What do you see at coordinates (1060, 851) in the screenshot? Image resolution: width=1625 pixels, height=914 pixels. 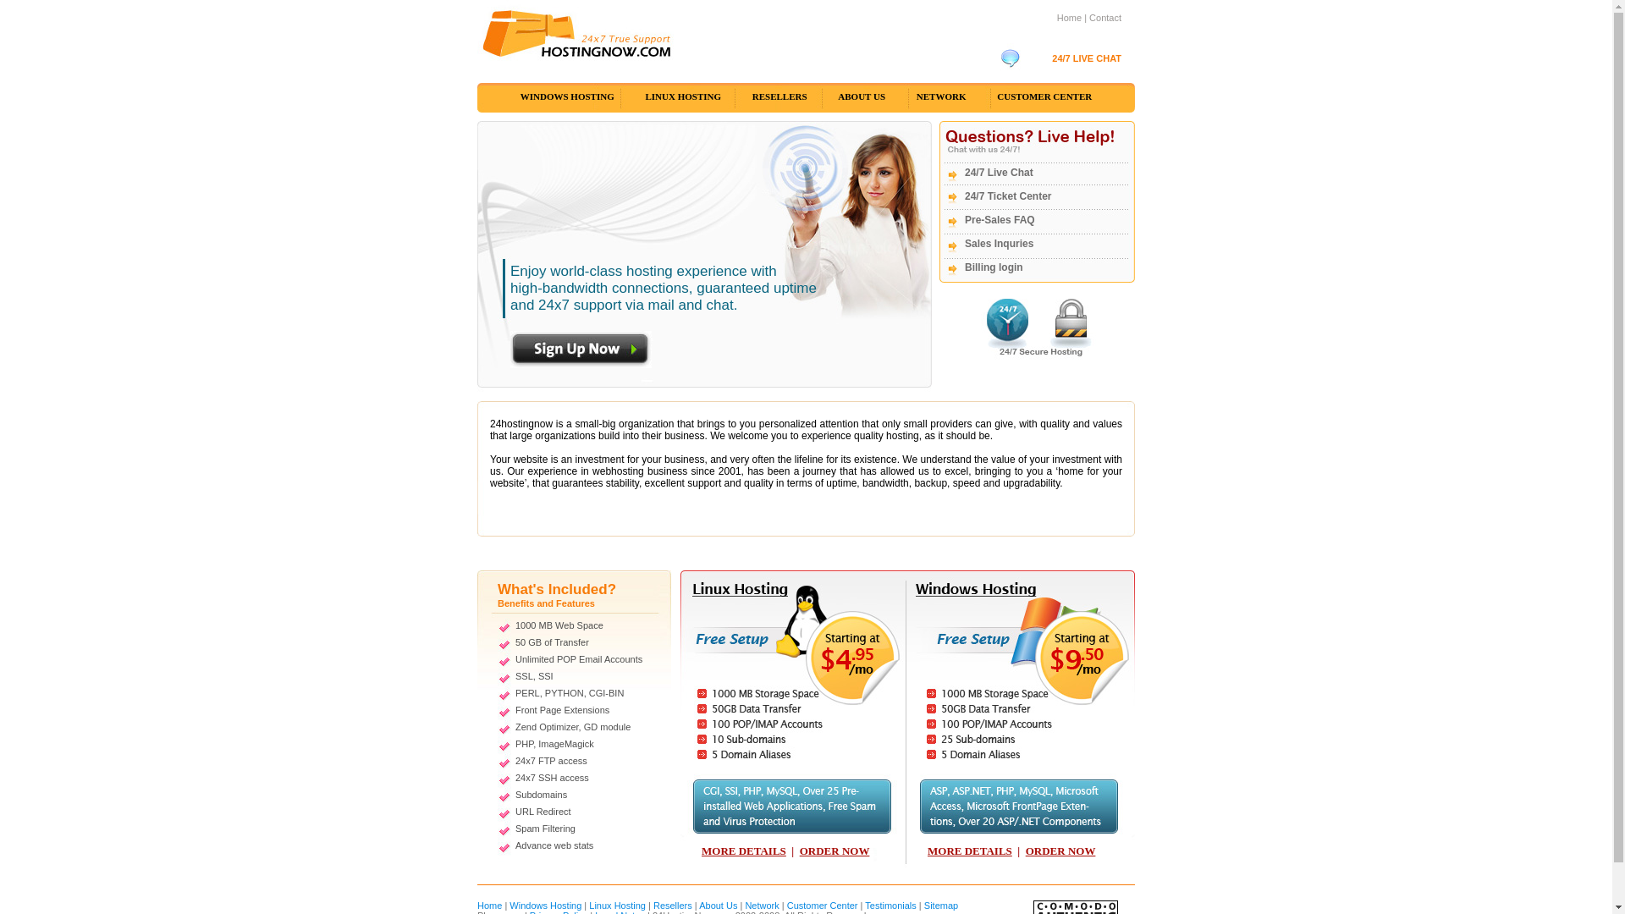 I see `'ORDER NOW'` at bounding box center [1060, 851].